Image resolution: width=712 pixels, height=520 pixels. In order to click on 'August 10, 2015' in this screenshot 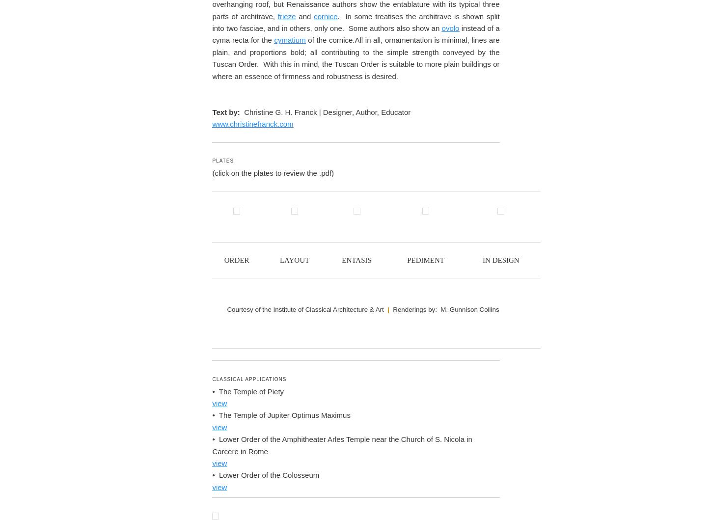, I will do `click(263, 131)`.